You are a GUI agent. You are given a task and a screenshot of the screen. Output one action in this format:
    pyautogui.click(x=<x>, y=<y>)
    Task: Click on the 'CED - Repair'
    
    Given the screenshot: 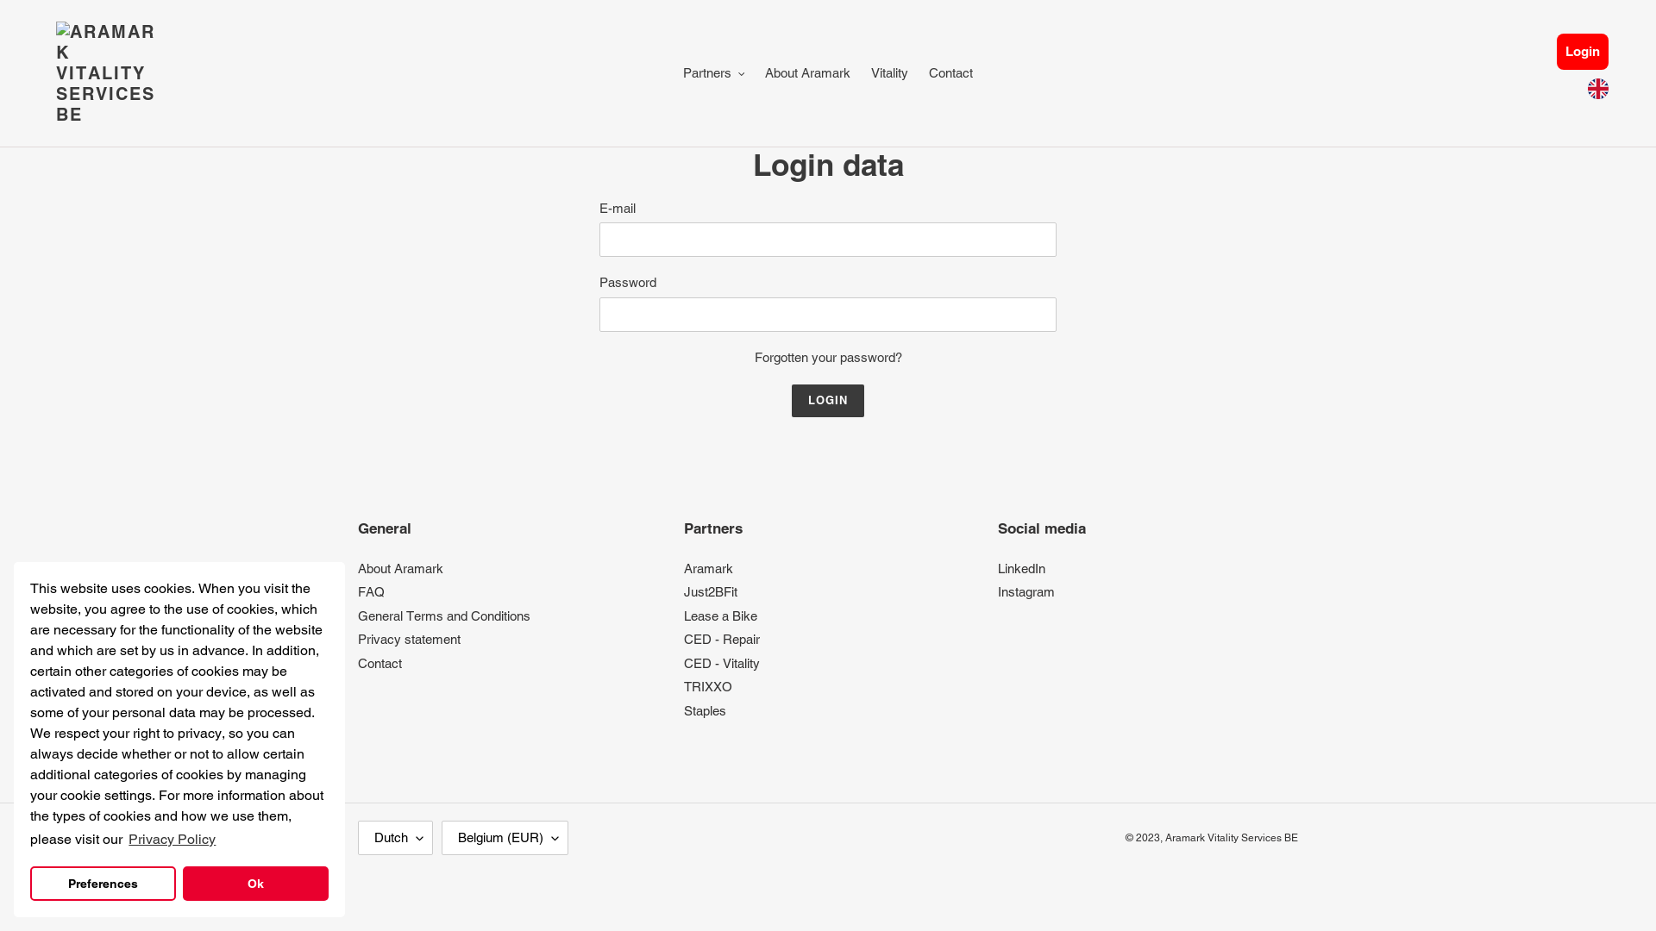 What is the action you would take?
    pyautogui.click(x=721, y=639)
    